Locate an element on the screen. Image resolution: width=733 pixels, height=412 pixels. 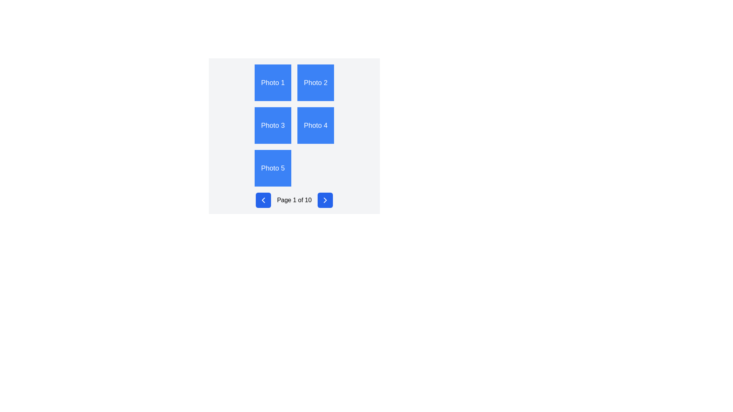
the button labeled 'Photo 4', which is located on the right side of the second row in a grid layout of photo options is located at coordinates (315, 125).